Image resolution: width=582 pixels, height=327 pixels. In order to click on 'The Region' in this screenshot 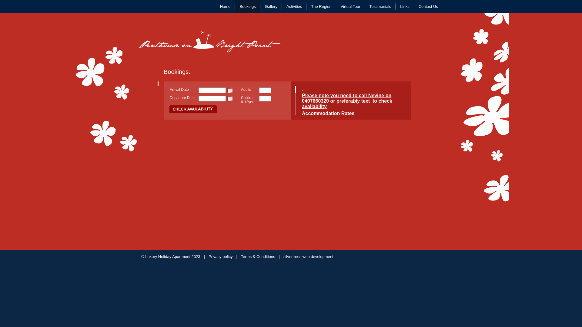, I will do `click(321, 7)`.